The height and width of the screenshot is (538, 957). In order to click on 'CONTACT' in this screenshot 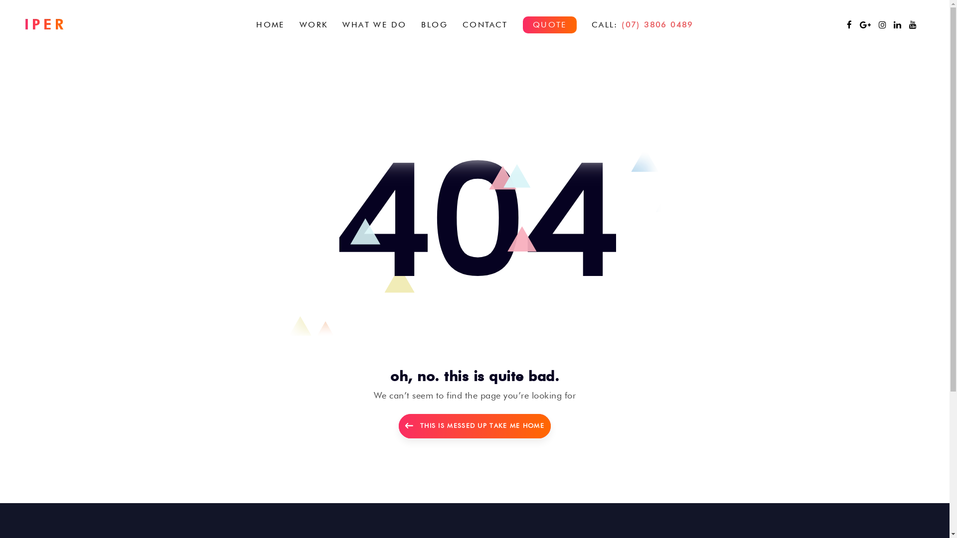, I will do `click(454, 24)`.